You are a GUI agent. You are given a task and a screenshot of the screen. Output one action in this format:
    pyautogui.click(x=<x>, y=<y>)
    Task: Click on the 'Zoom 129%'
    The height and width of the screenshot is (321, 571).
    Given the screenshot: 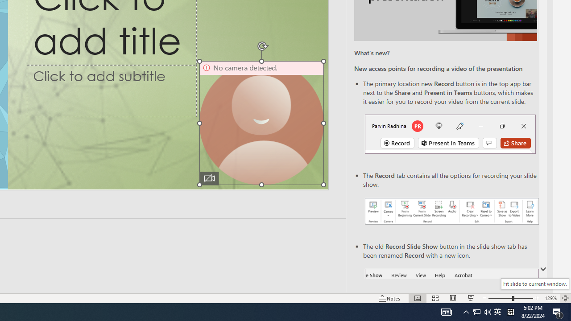 What is the action you would take?
    pyautogui.click(x=550, y=298)
    